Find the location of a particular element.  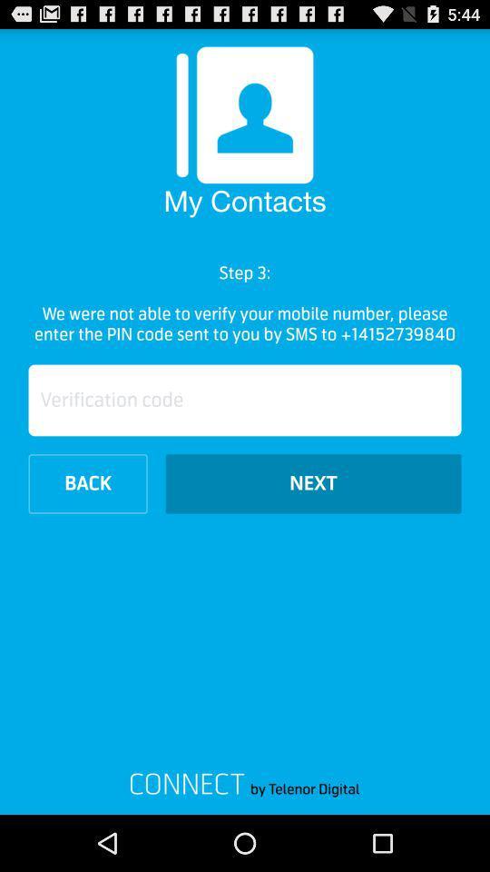

the icon above the back item is located at coordinates (245, 400).